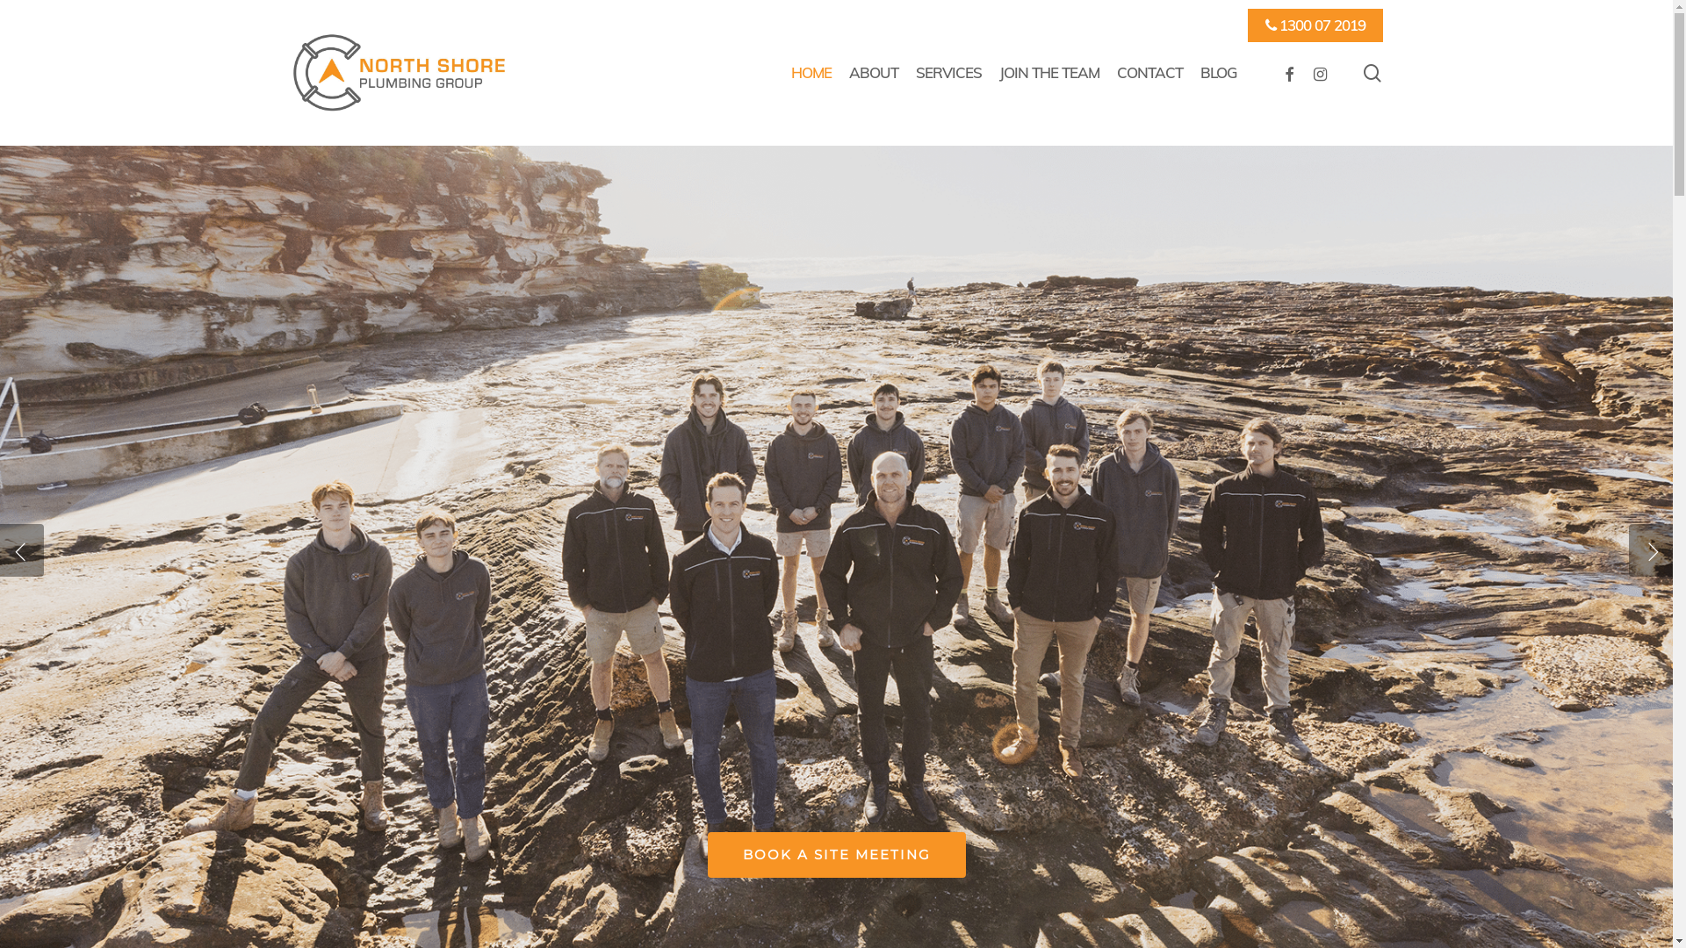  What do you see at coordinates (947, 72) in the screenshot?
I see `'SERVICES'` at bounding box center [947, 72].